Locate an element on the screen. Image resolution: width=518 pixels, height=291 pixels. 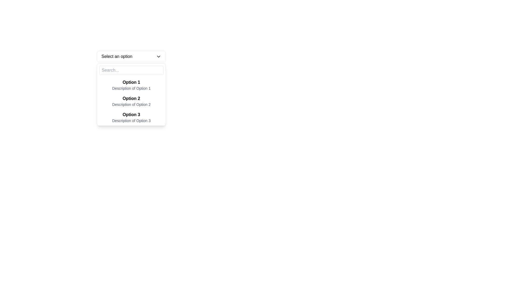
text of the bold-styled label displaying 'Option 1' in black font located at the center of the dropdown menu entry is located at coordinates (131, 82).